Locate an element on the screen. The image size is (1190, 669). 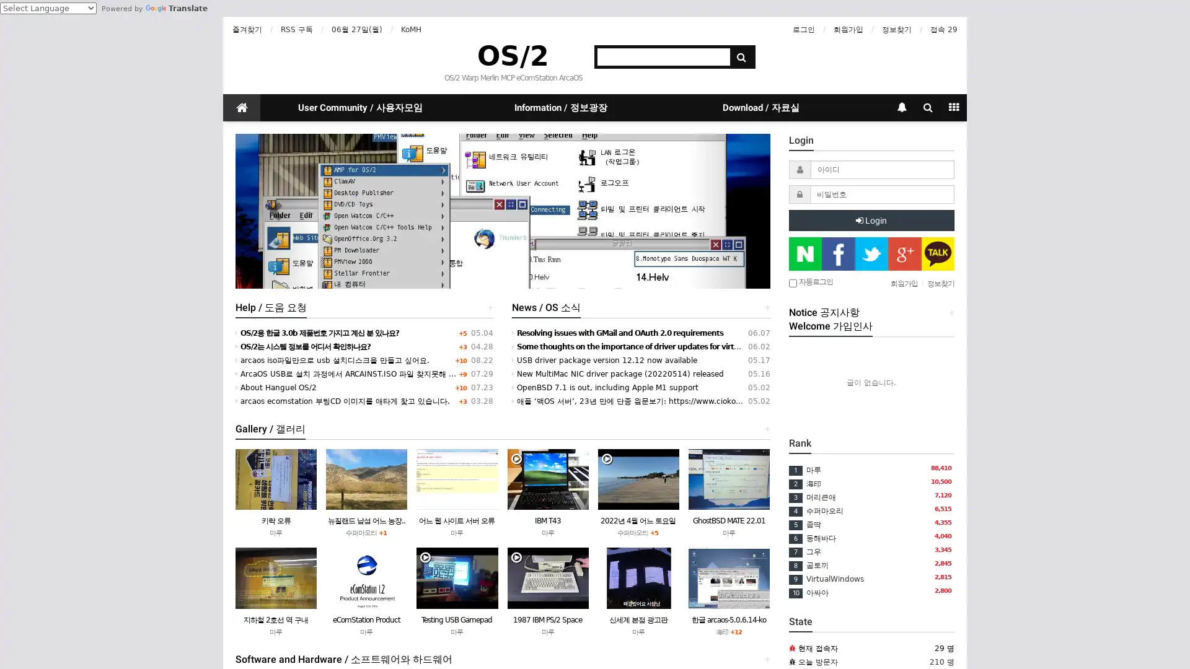
Login is located at coordinates (871, 219).